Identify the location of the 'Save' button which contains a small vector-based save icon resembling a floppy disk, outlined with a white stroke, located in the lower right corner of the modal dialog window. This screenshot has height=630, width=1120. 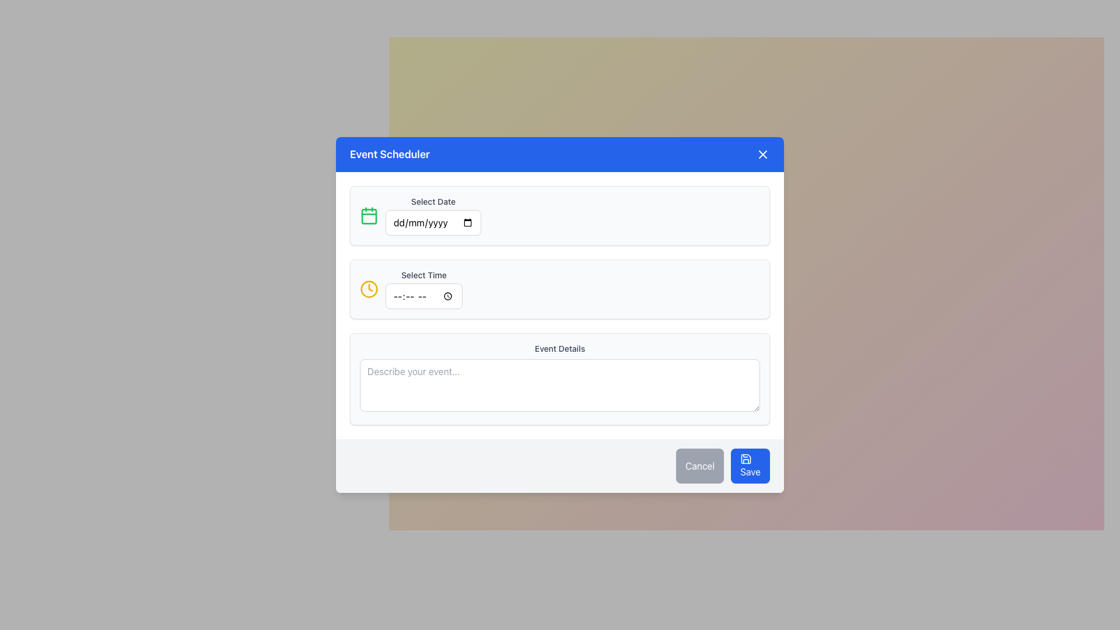
(745, 458).